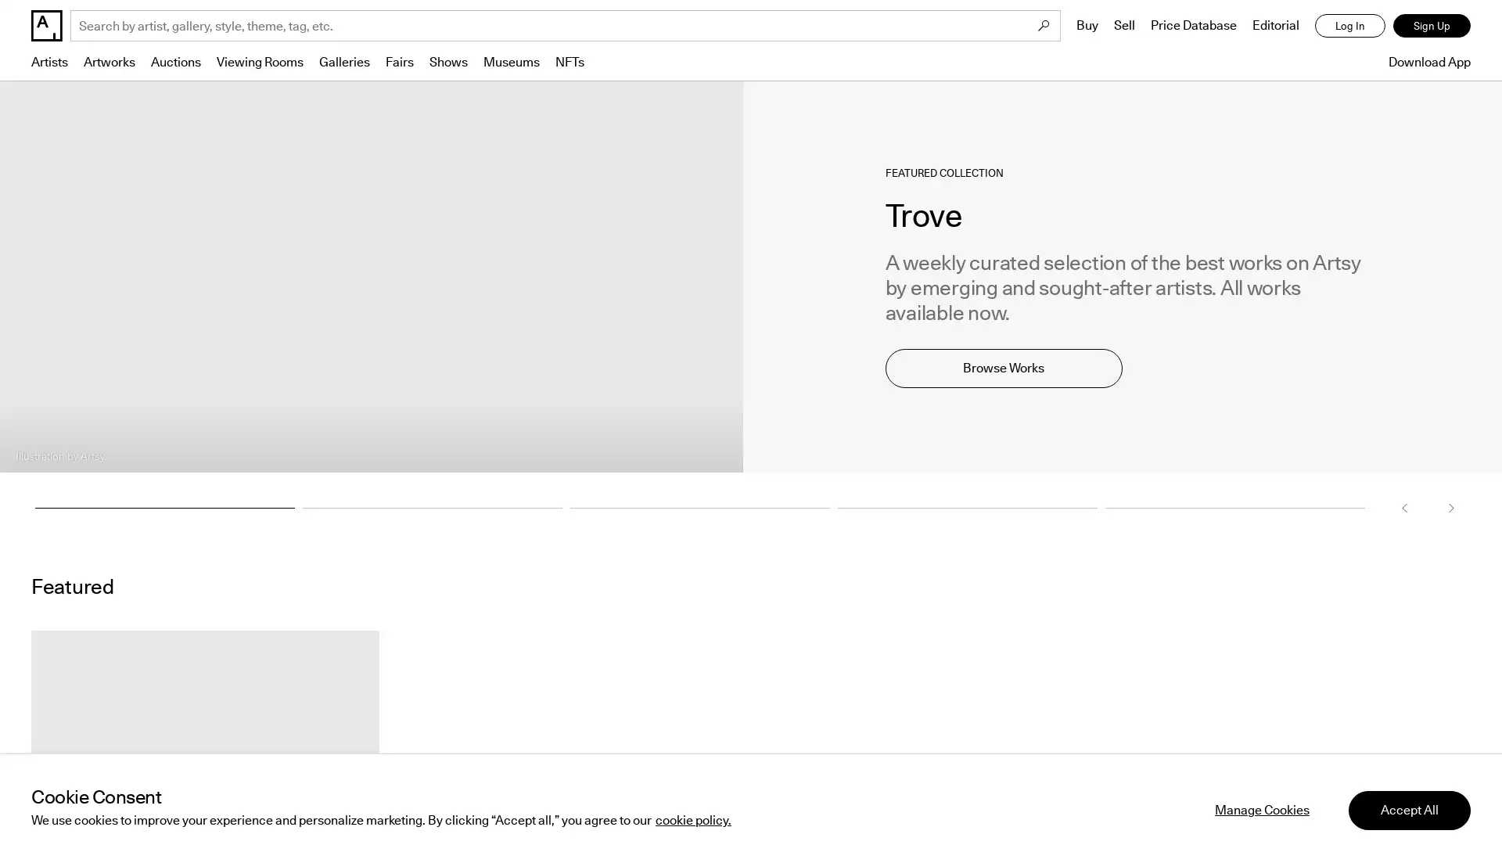 Image resolution: width=1502 pixels, height=845 pixels. I want to click on Navigate left, so click(1404, 507).